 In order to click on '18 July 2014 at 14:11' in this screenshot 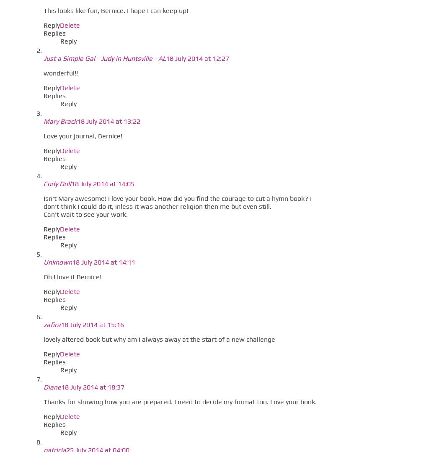, I will do `click(103, 261)`.